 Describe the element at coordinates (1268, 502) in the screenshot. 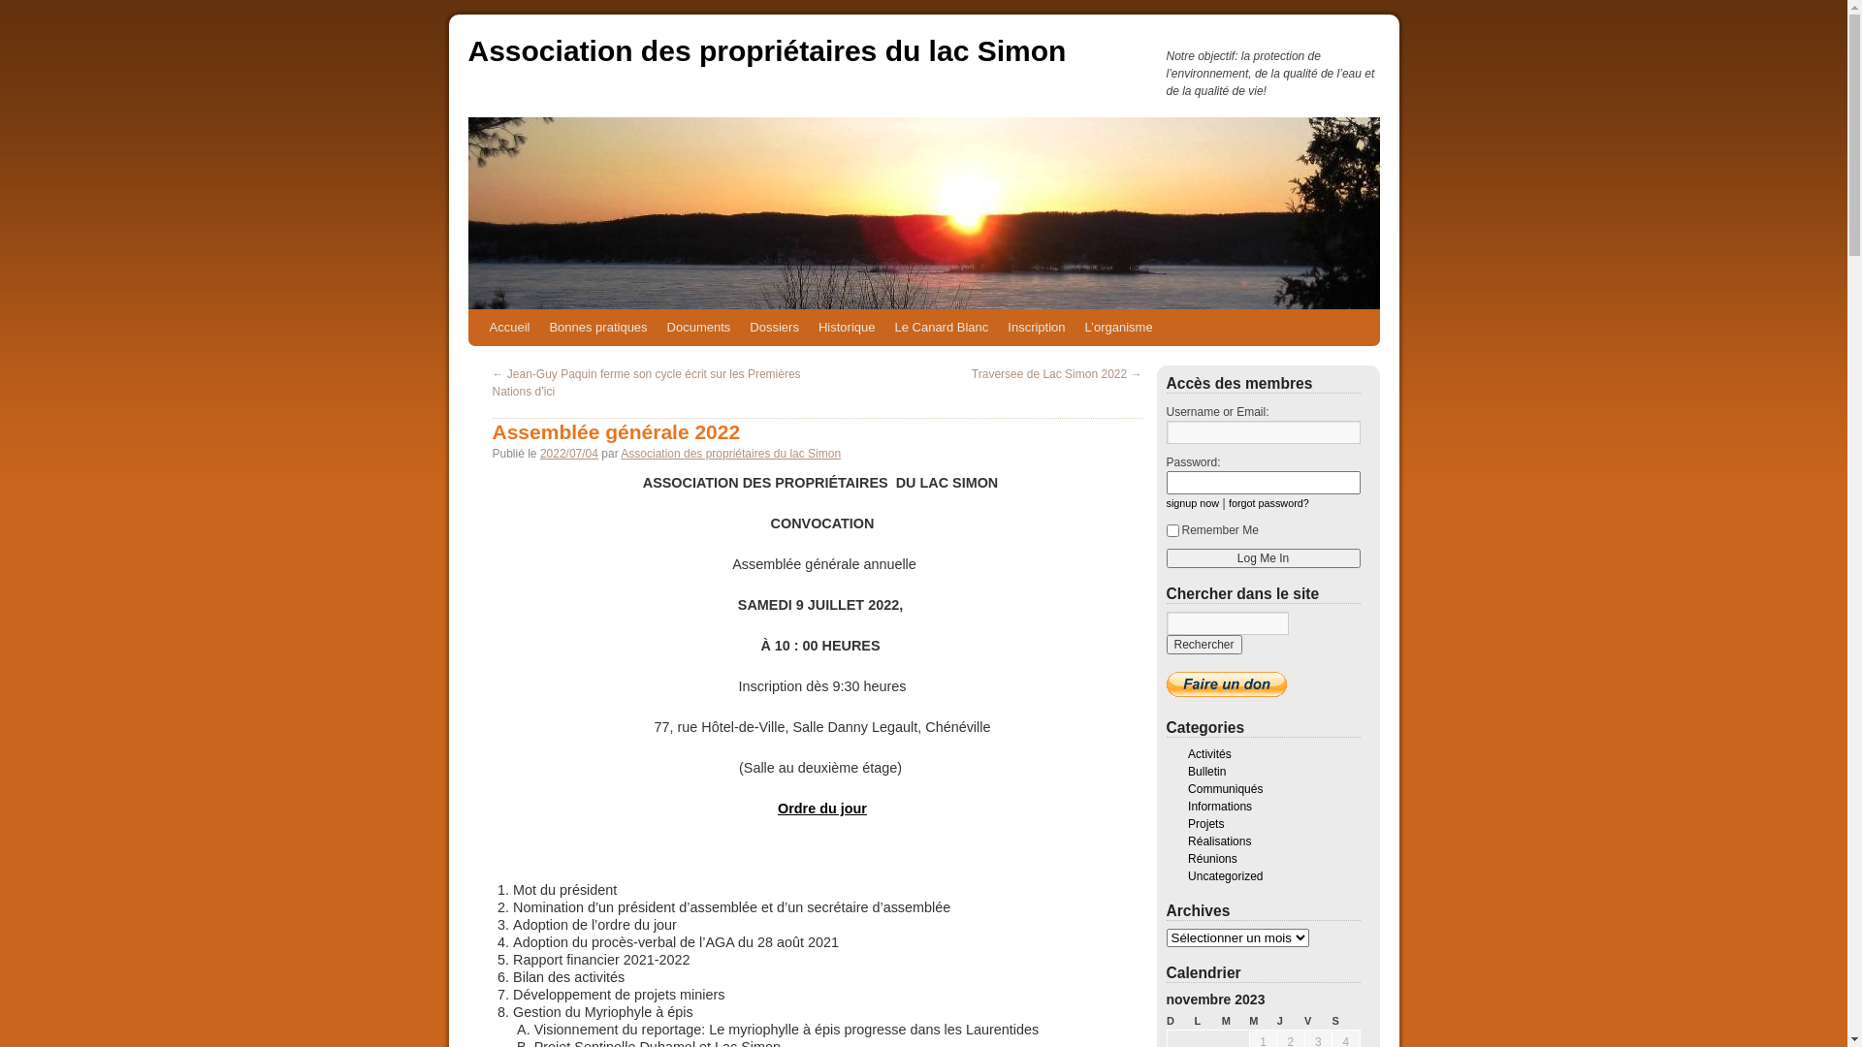

I see `'forgot password?'` at that location.